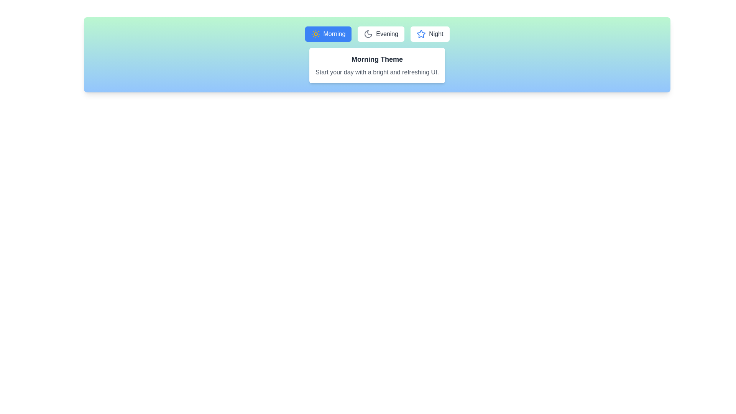 The height and width of the screenshot is (414, 736). Describe the element at coordinates (328, 33) in the screenshot. I see `the button labeled Morning` at that location.